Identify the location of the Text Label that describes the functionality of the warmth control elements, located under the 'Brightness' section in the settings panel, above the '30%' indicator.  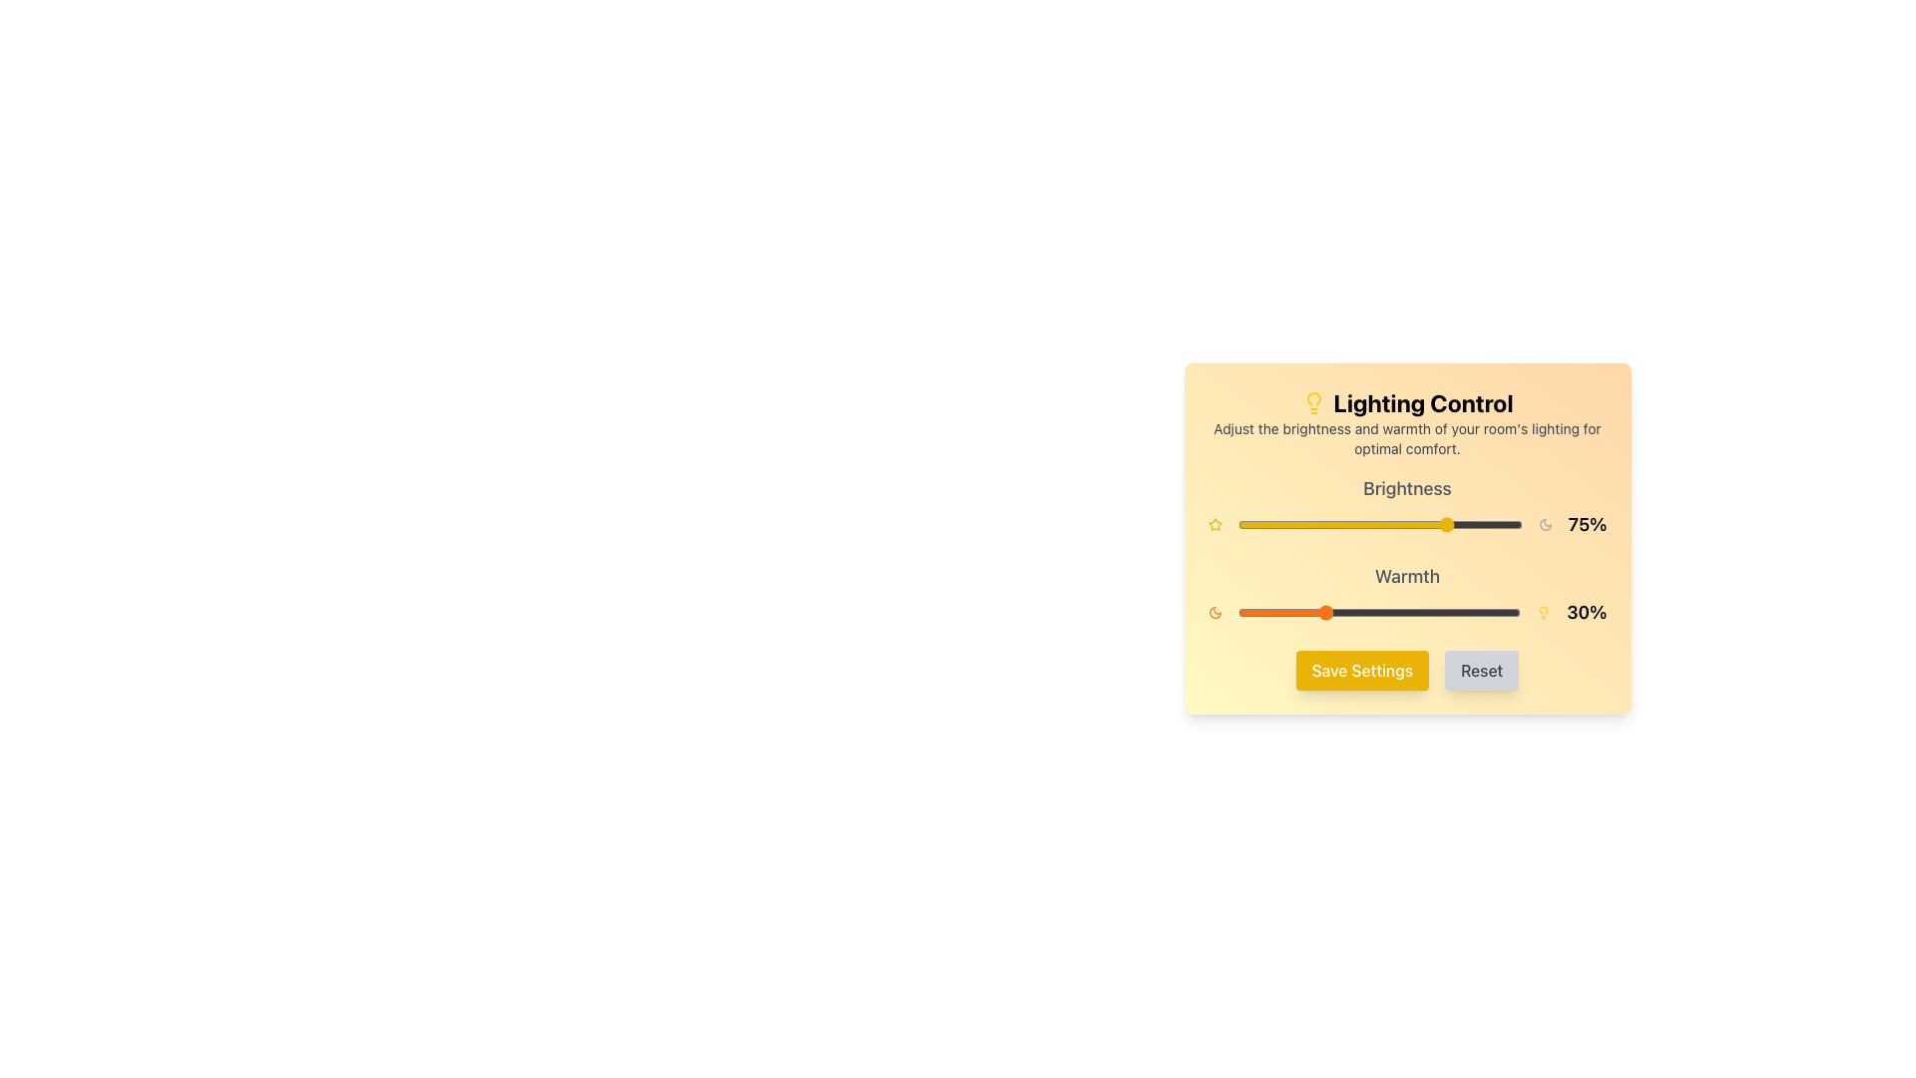
(1406, 577).